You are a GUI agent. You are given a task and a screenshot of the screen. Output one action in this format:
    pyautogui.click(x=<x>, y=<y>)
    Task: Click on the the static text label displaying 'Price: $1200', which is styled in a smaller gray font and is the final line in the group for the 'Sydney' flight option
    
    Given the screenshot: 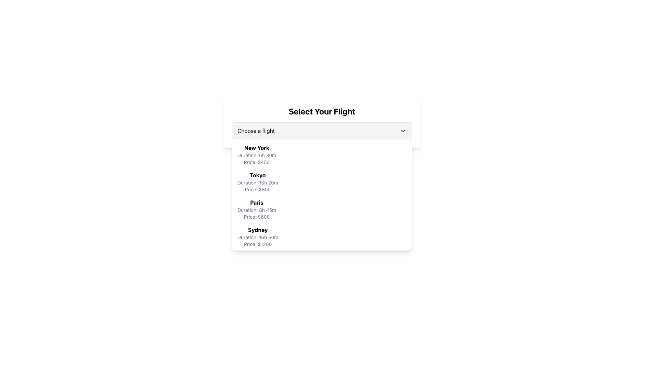 What is the action you would take?
    pyautogui.click(x=257, y=244)
    